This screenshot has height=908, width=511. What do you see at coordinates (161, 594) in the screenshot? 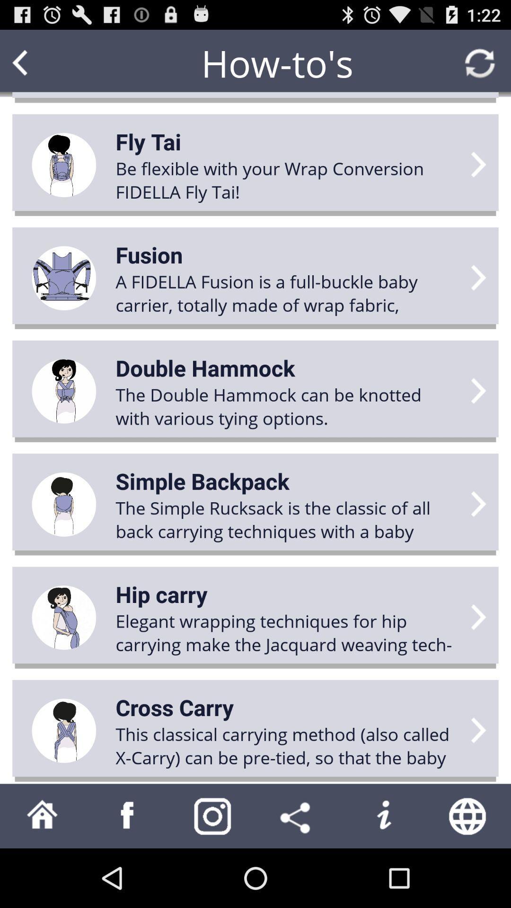
I see `hip carry app` at bounding box center [161, 594].